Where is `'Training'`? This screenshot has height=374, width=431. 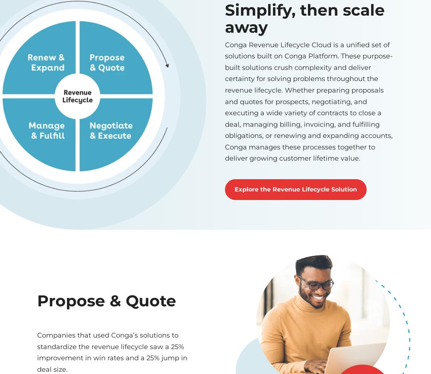 'Training' is located at coordinates (292, 269).